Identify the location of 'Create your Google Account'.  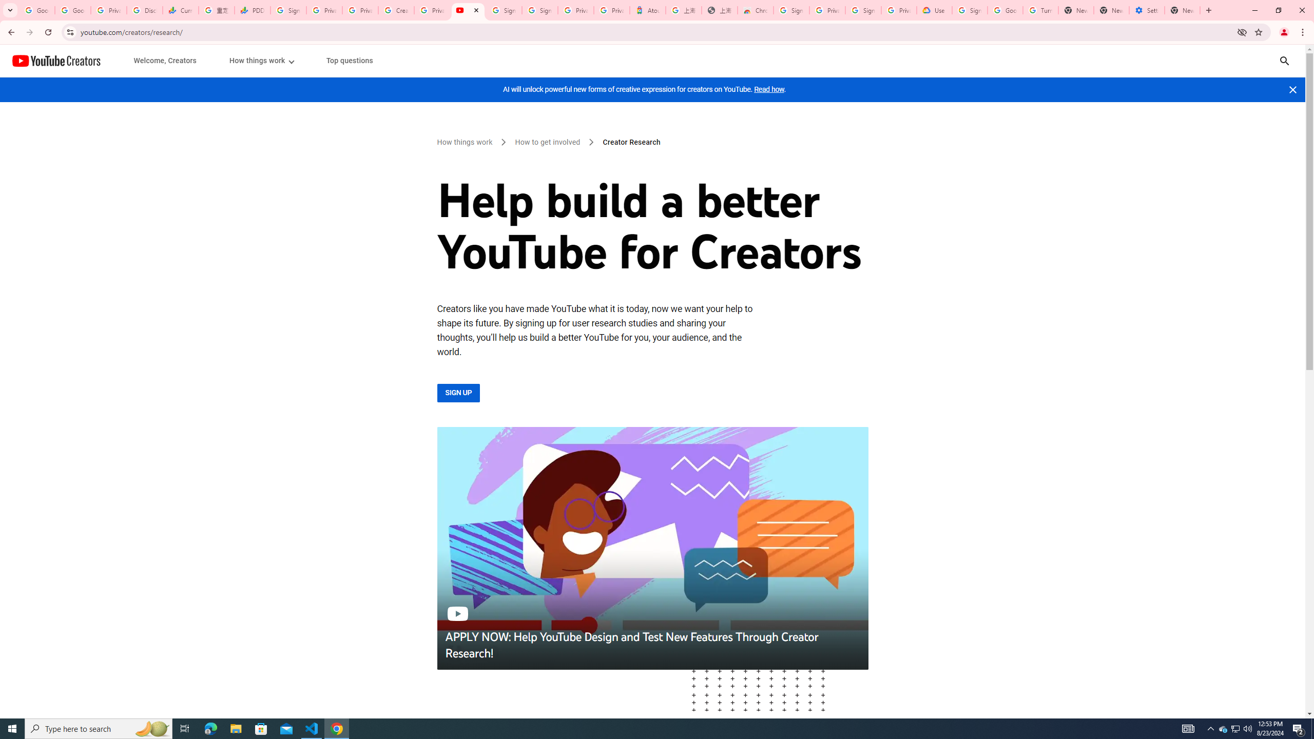
(395, 10).